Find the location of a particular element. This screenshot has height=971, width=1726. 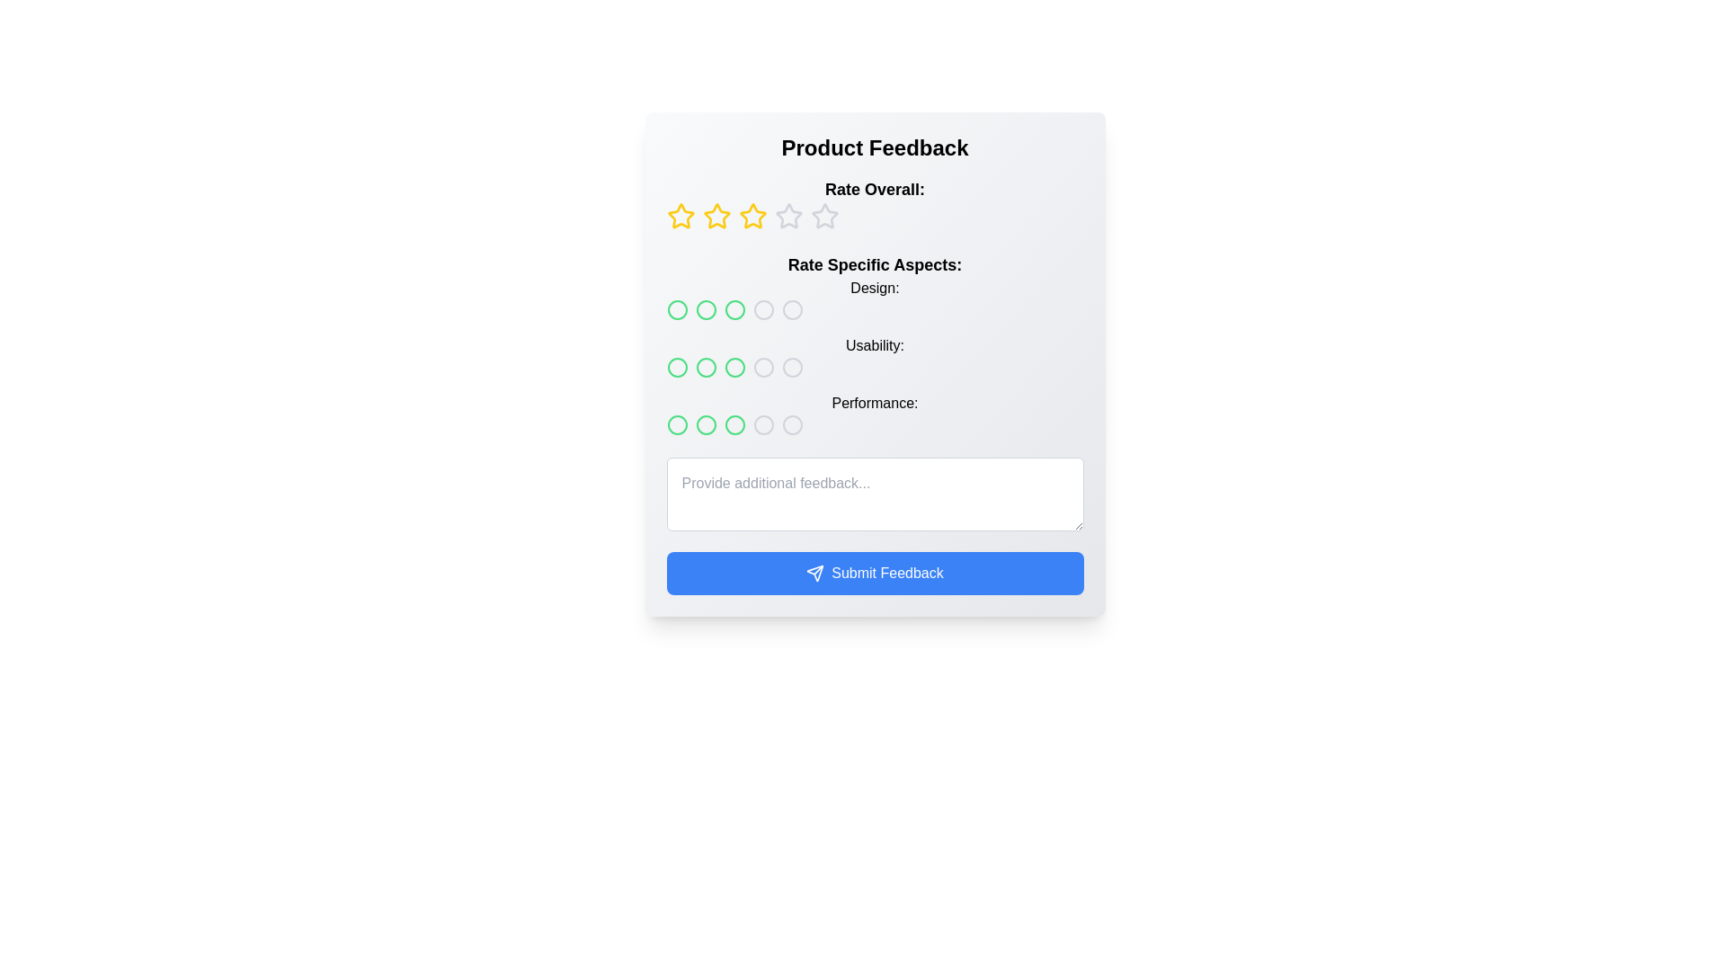

the second selectable circle for ratings under the 'Design' label is located at coordinates (791, 308).